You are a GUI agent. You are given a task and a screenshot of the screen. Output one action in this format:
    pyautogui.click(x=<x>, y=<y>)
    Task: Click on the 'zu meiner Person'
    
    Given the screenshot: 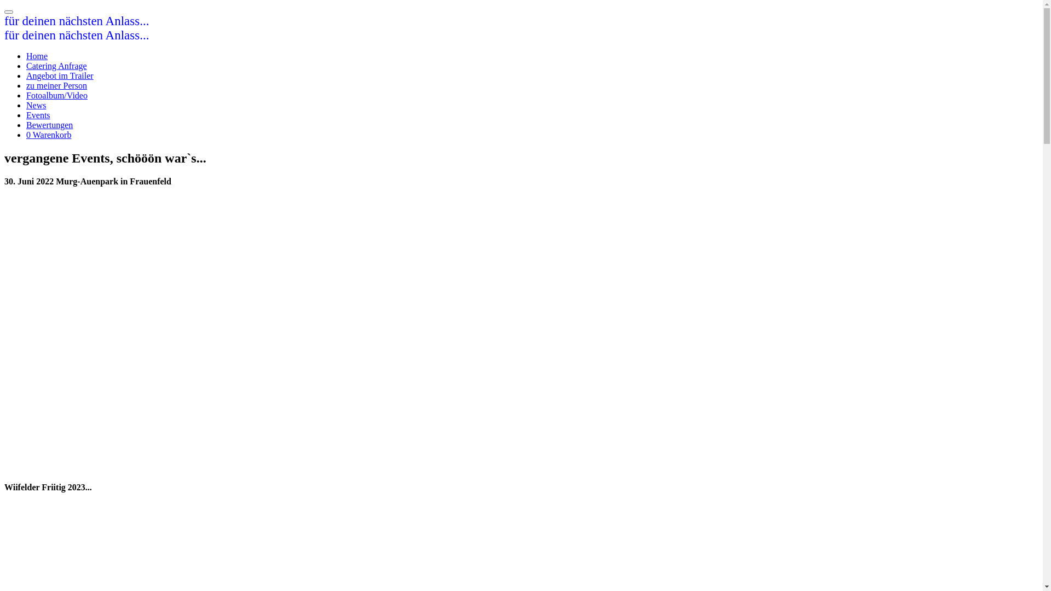 What is the action you would take?
    pyautogui.click(x=56, y=85)
    